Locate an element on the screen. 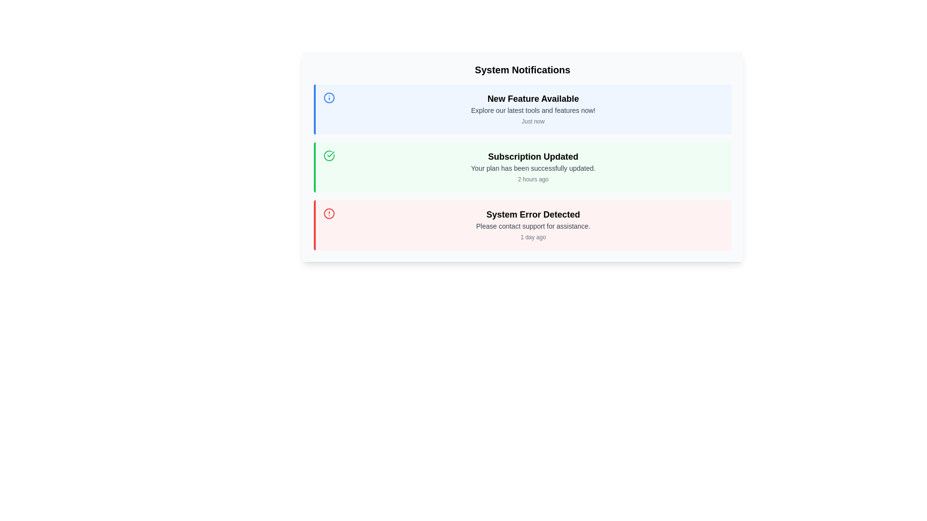  the Text Block that communicates information about the availability of a new feature, located in the center of the blue-highlighted notification block in the 'System Notifications' section is located at coordinates (533, 109).